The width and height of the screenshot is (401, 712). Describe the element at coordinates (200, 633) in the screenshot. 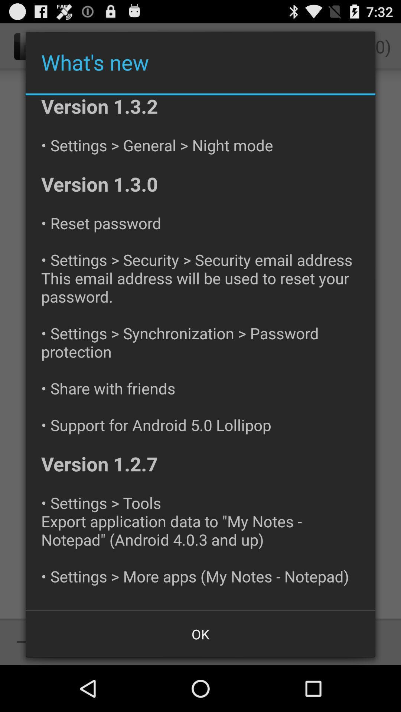

I see `the ok icon` at that location.